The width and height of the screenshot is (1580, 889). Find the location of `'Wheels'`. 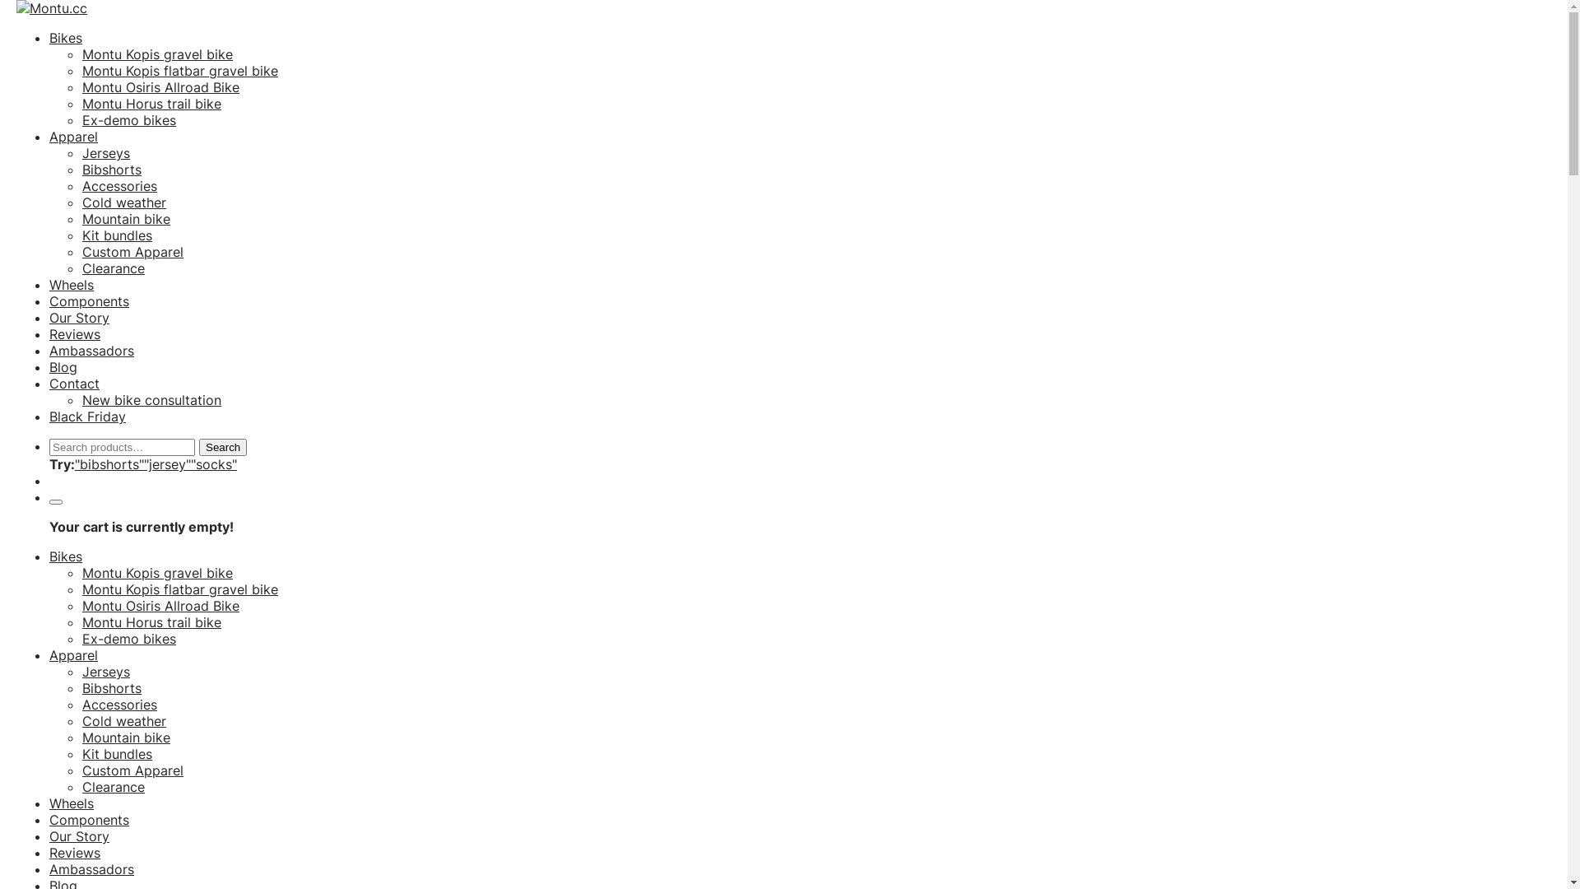

'Wheels' is located at coordinates (70, 284).